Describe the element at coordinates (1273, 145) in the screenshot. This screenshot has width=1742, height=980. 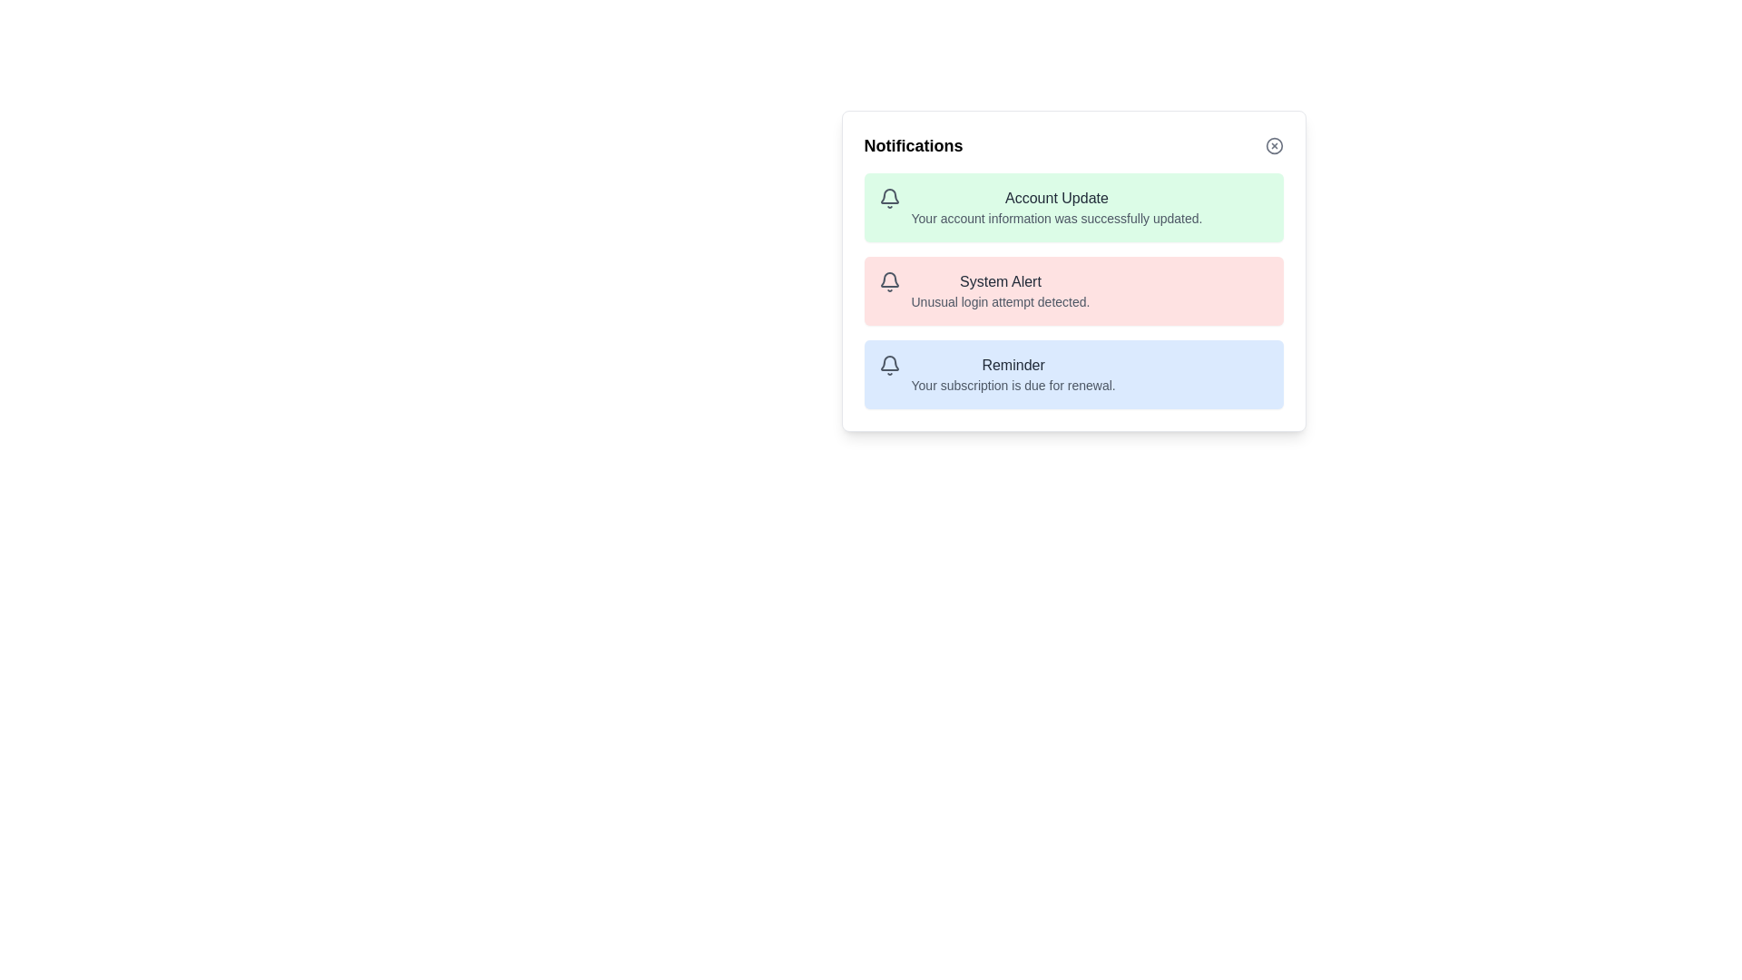
I see `the round 'X' button located in the upper-right corner of the 'Notifications' panel` at that location.